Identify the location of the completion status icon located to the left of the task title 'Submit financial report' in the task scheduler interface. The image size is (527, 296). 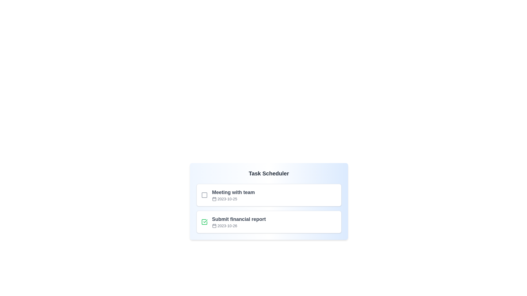
(204, 222).